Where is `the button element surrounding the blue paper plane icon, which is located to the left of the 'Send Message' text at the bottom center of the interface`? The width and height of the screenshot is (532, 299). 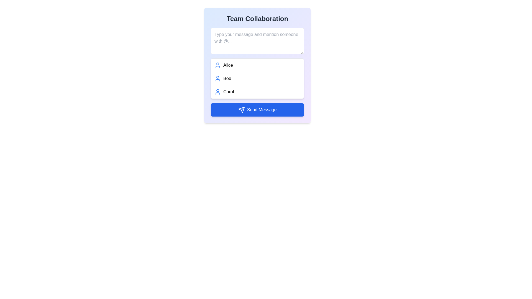
the button element surrounding the blue paper plane icon, which is located to the left of the 'Send Message' text at the bottom center of the interface is located at coordinates (241, 110).